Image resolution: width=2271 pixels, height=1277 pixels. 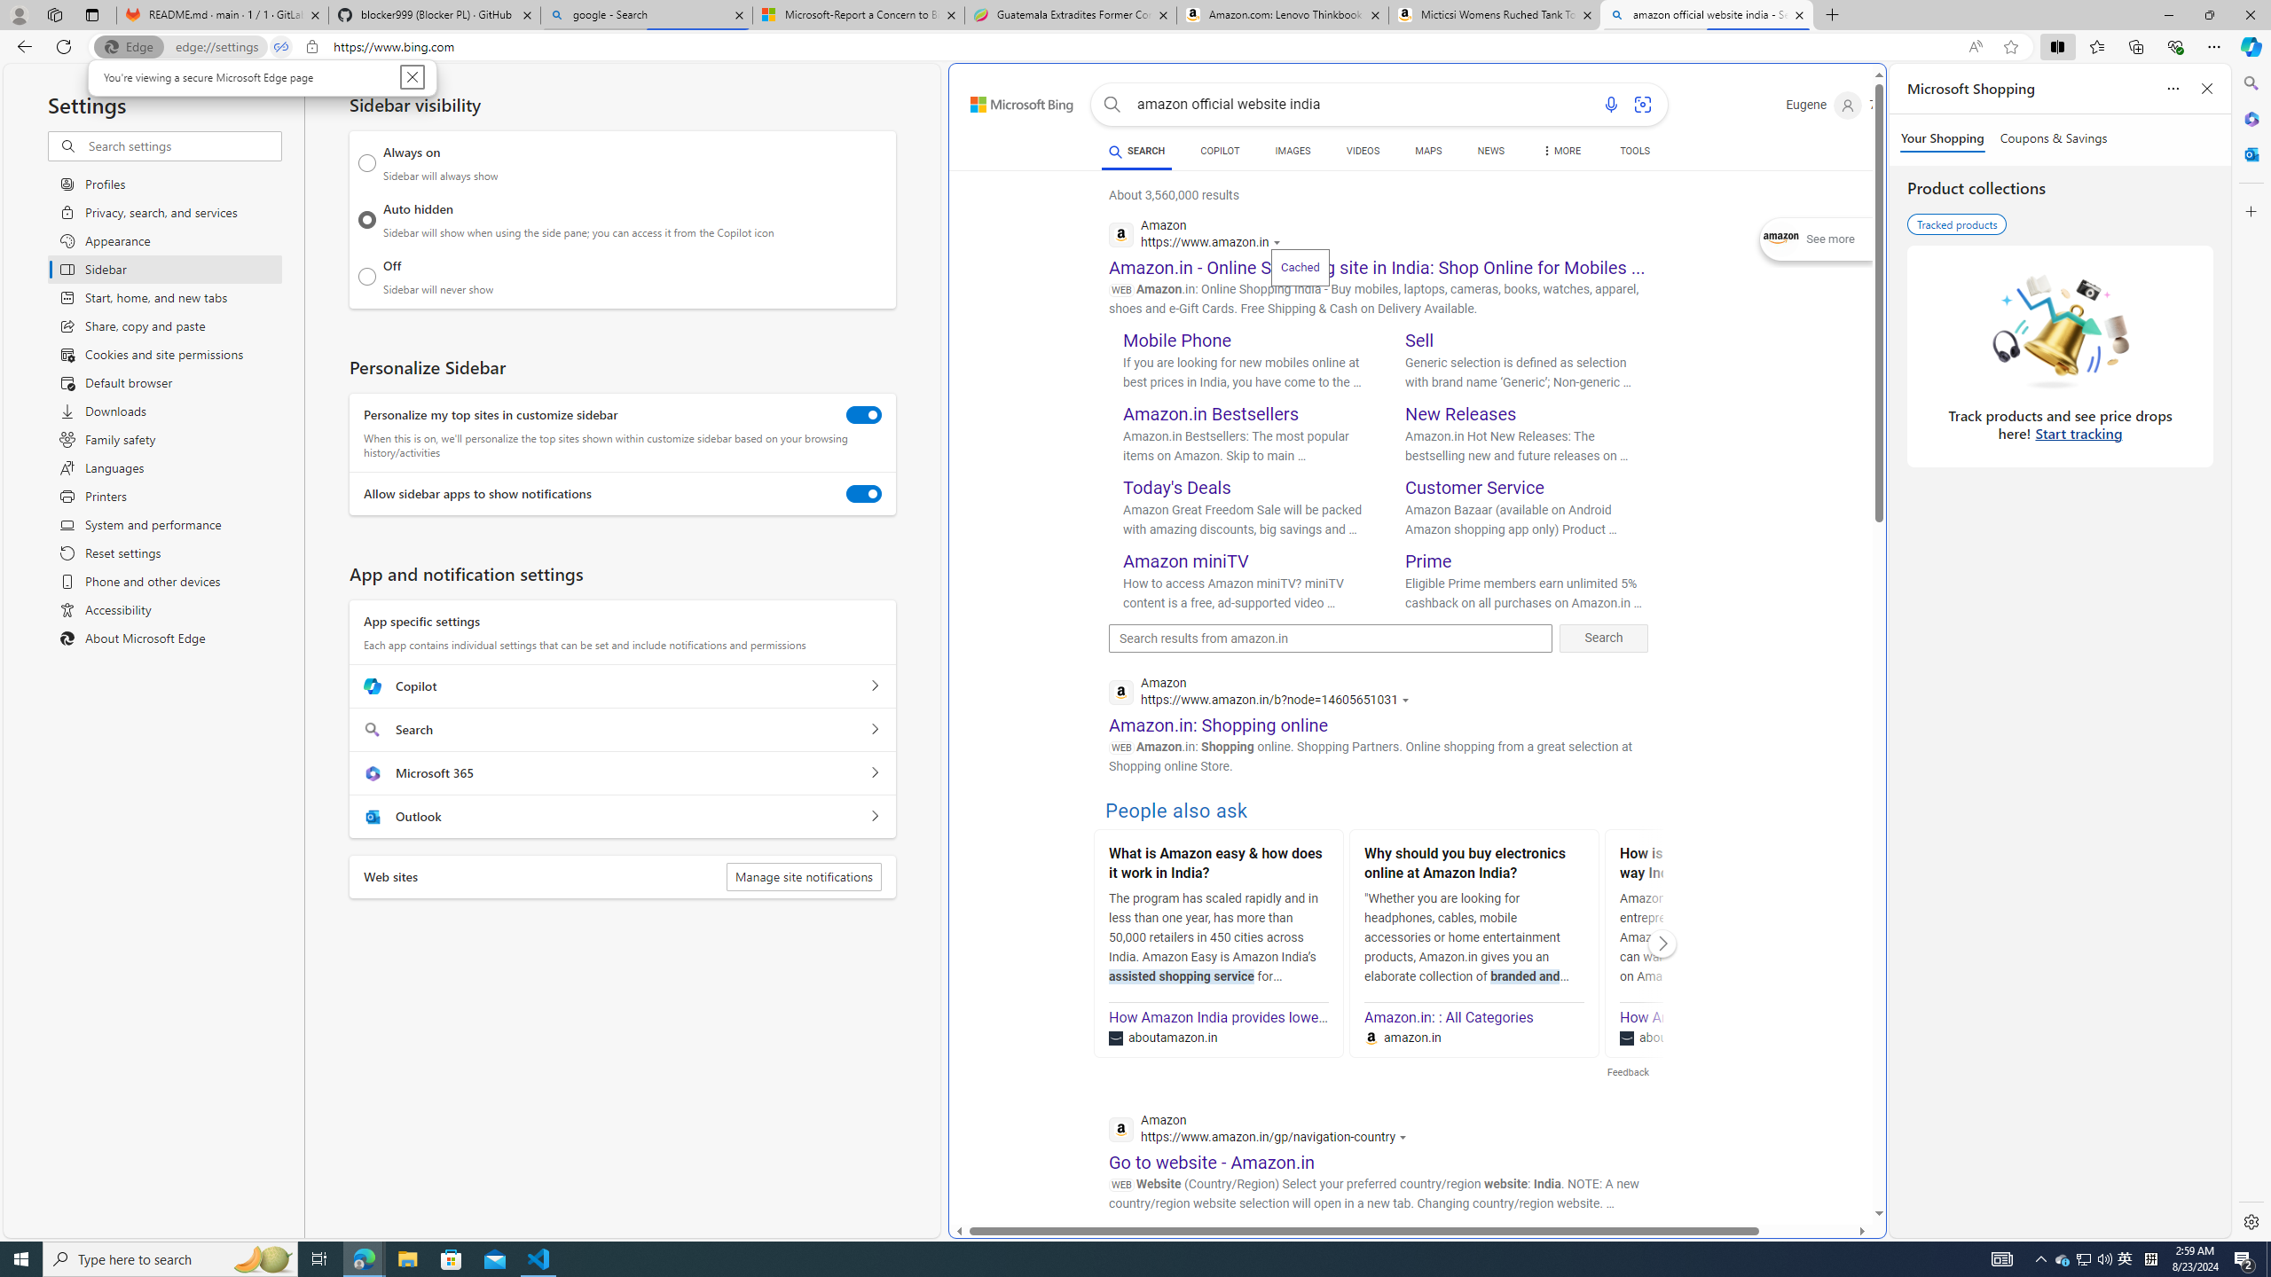 What do you see at coordinates (1489, 153) in the screenshot?
I see `'NEWS'` at bounding box center [1489, 153].